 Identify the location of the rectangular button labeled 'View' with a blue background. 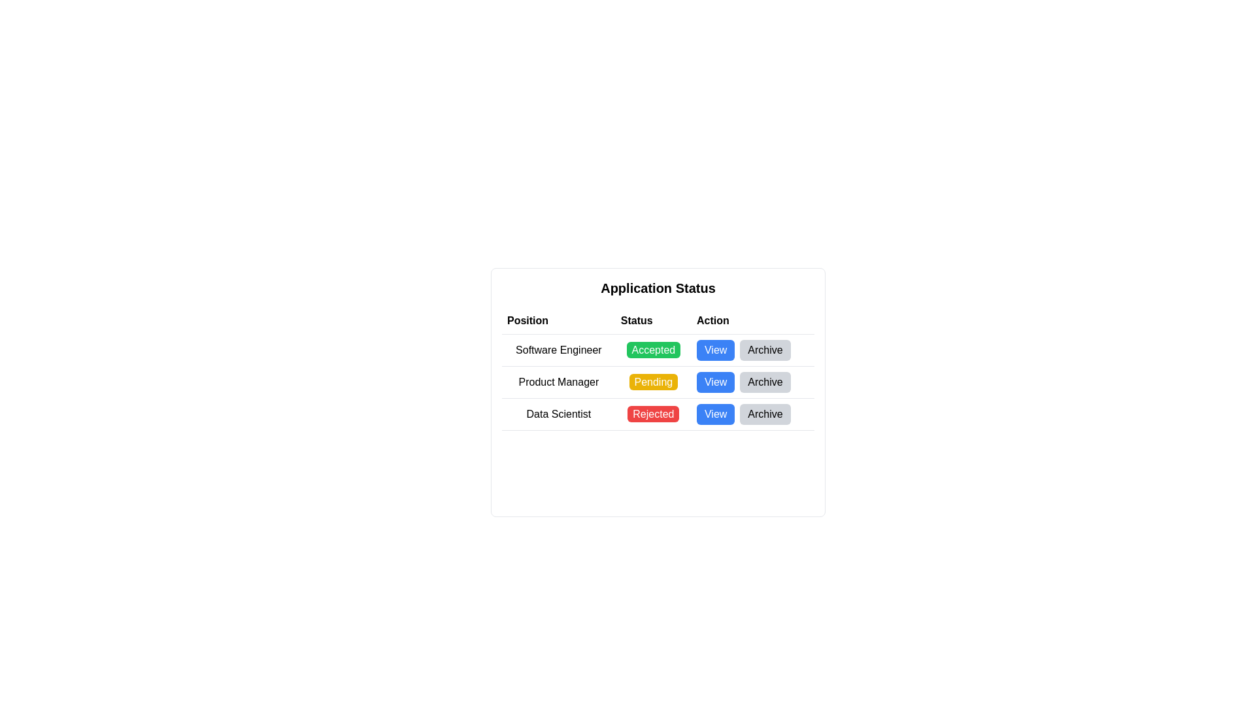
(715, 350).